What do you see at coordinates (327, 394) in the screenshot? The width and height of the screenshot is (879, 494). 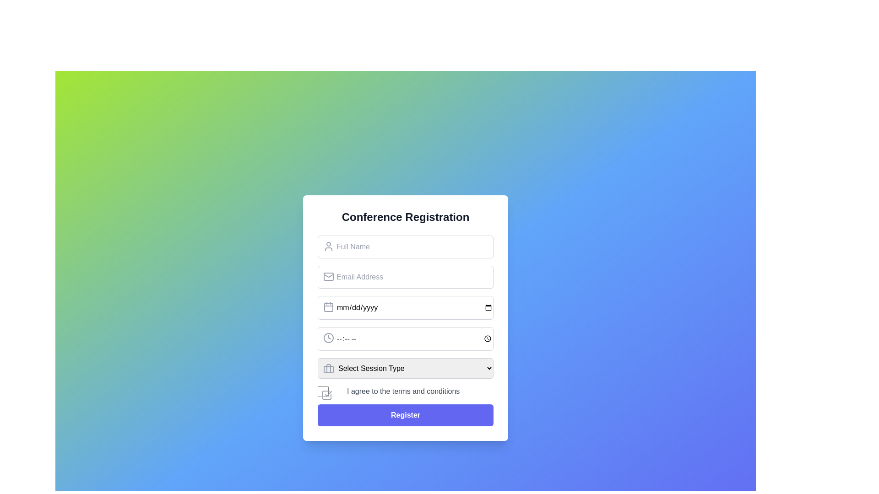 I see `the appearance of the checkbox SVG icon with a check mark located to the left of the text 'I agree to the terms and conditions.'` at bounding box center [327, 394].